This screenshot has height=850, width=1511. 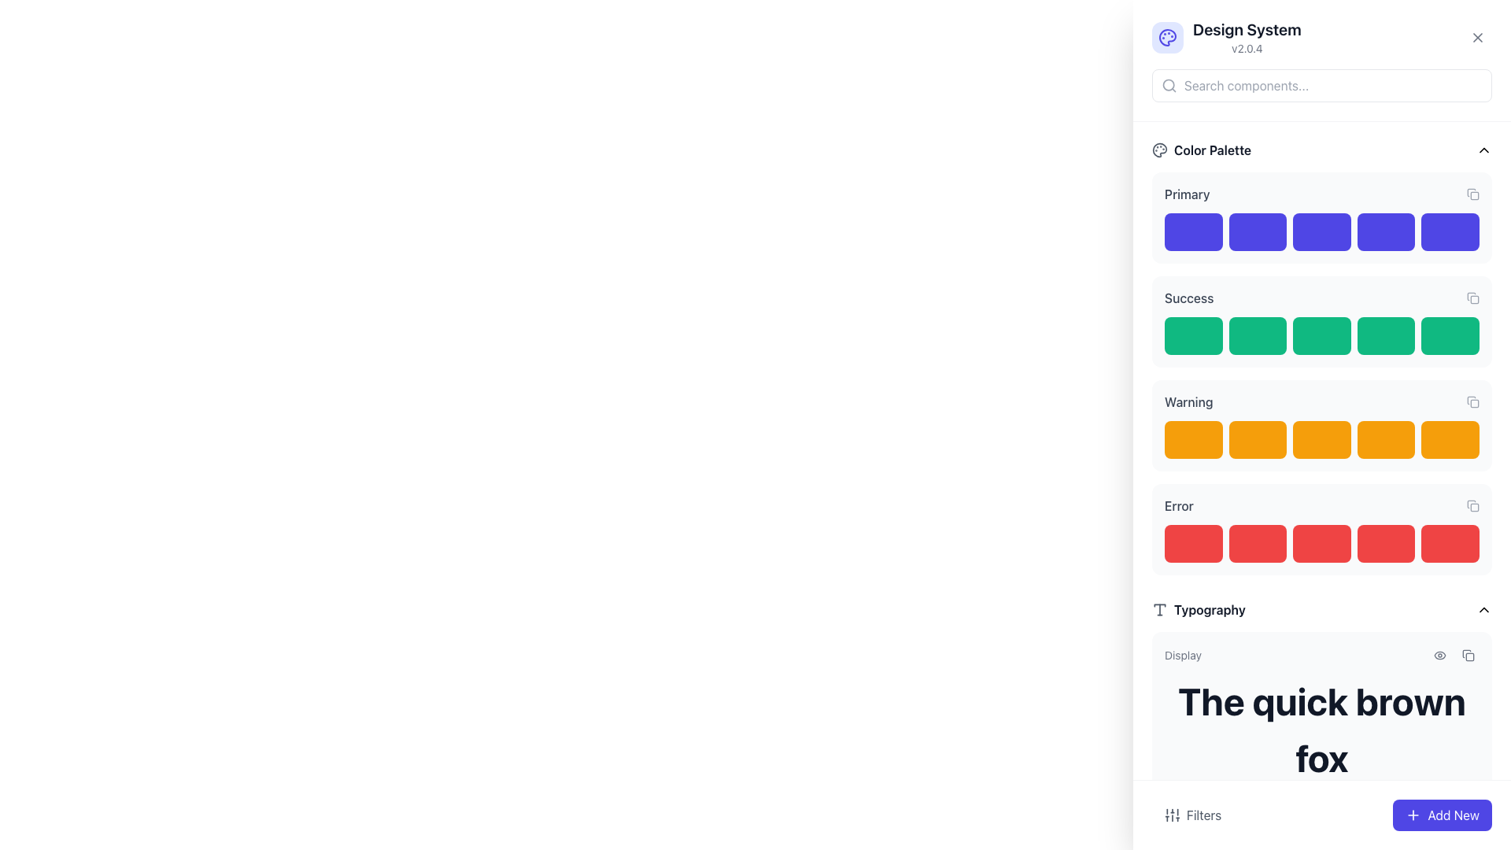 What do you see at coordinates (1211, 150) in the screenshot?
I see `the text label 'Color Palette' which is bold and gray-black, located at the top section of the interface next to an icon resembling a palette` at bounding box center [1211, 150].